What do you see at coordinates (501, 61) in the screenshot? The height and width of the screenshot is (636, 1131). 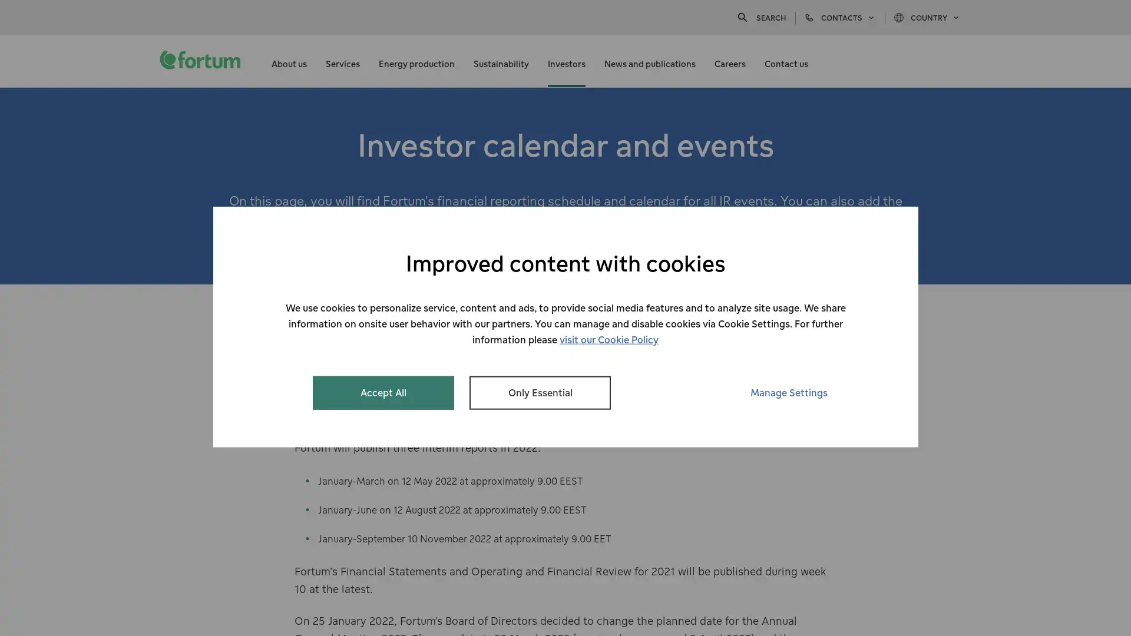 I see `Sustainability` at bounding box center [501, 61].